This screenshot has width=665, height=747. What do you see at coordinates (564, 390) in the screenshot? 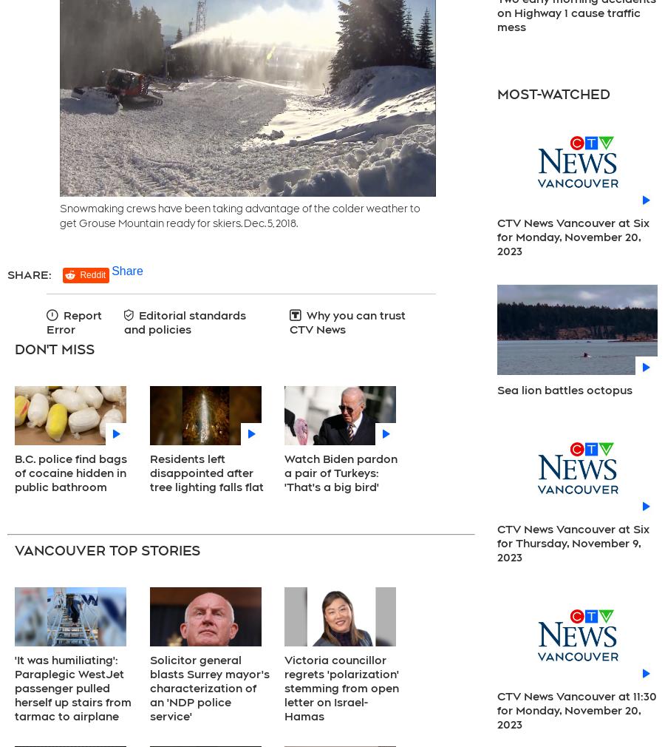
I see `'Sea lion battles octopus'` at bounding box center [564, 390].